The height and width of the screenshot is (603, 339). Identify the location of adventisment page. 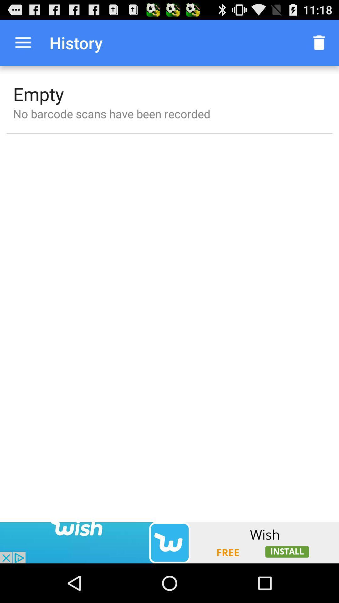
(169, 542).